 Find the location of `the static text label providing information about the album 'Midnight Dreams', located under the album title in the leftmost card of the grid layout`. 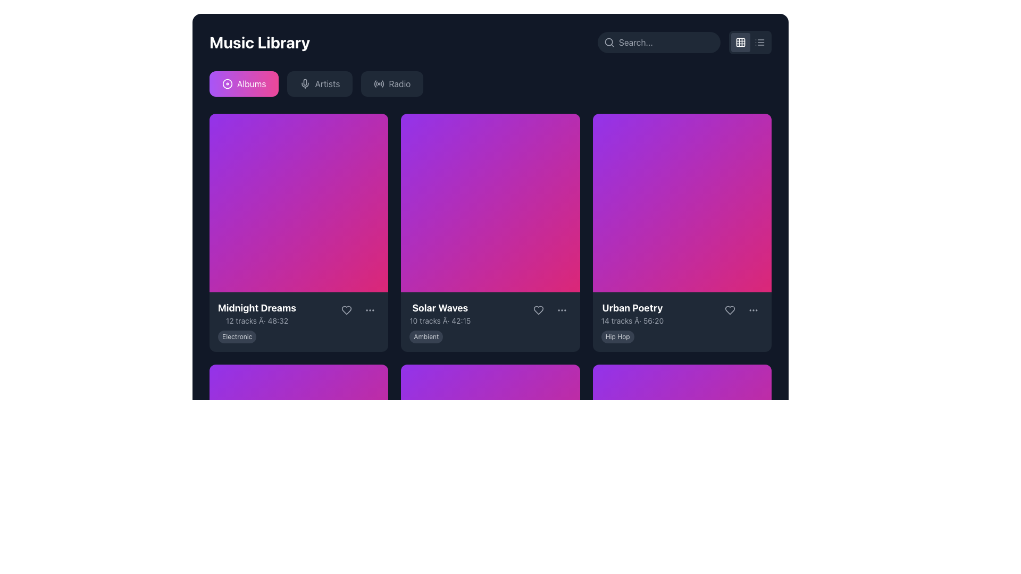

the static text label providing information about the album 'Midnight Dreams', located under the album title in the leftmost card of the grid layout is located at coordinates (257, 320).